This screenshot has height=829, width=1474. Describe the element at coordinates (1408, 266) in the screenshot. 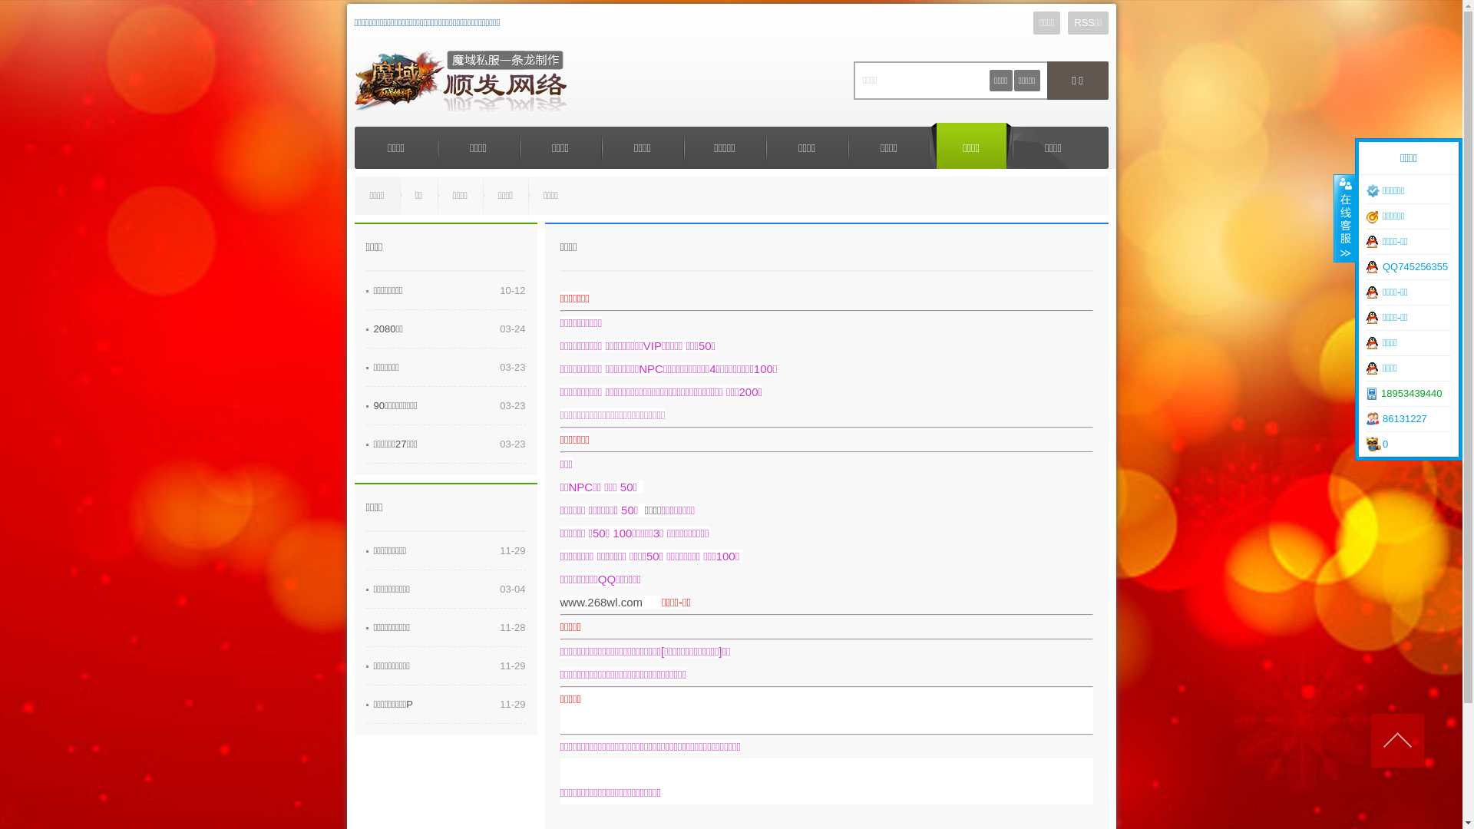

I see `'QQ745256355'` at that location.